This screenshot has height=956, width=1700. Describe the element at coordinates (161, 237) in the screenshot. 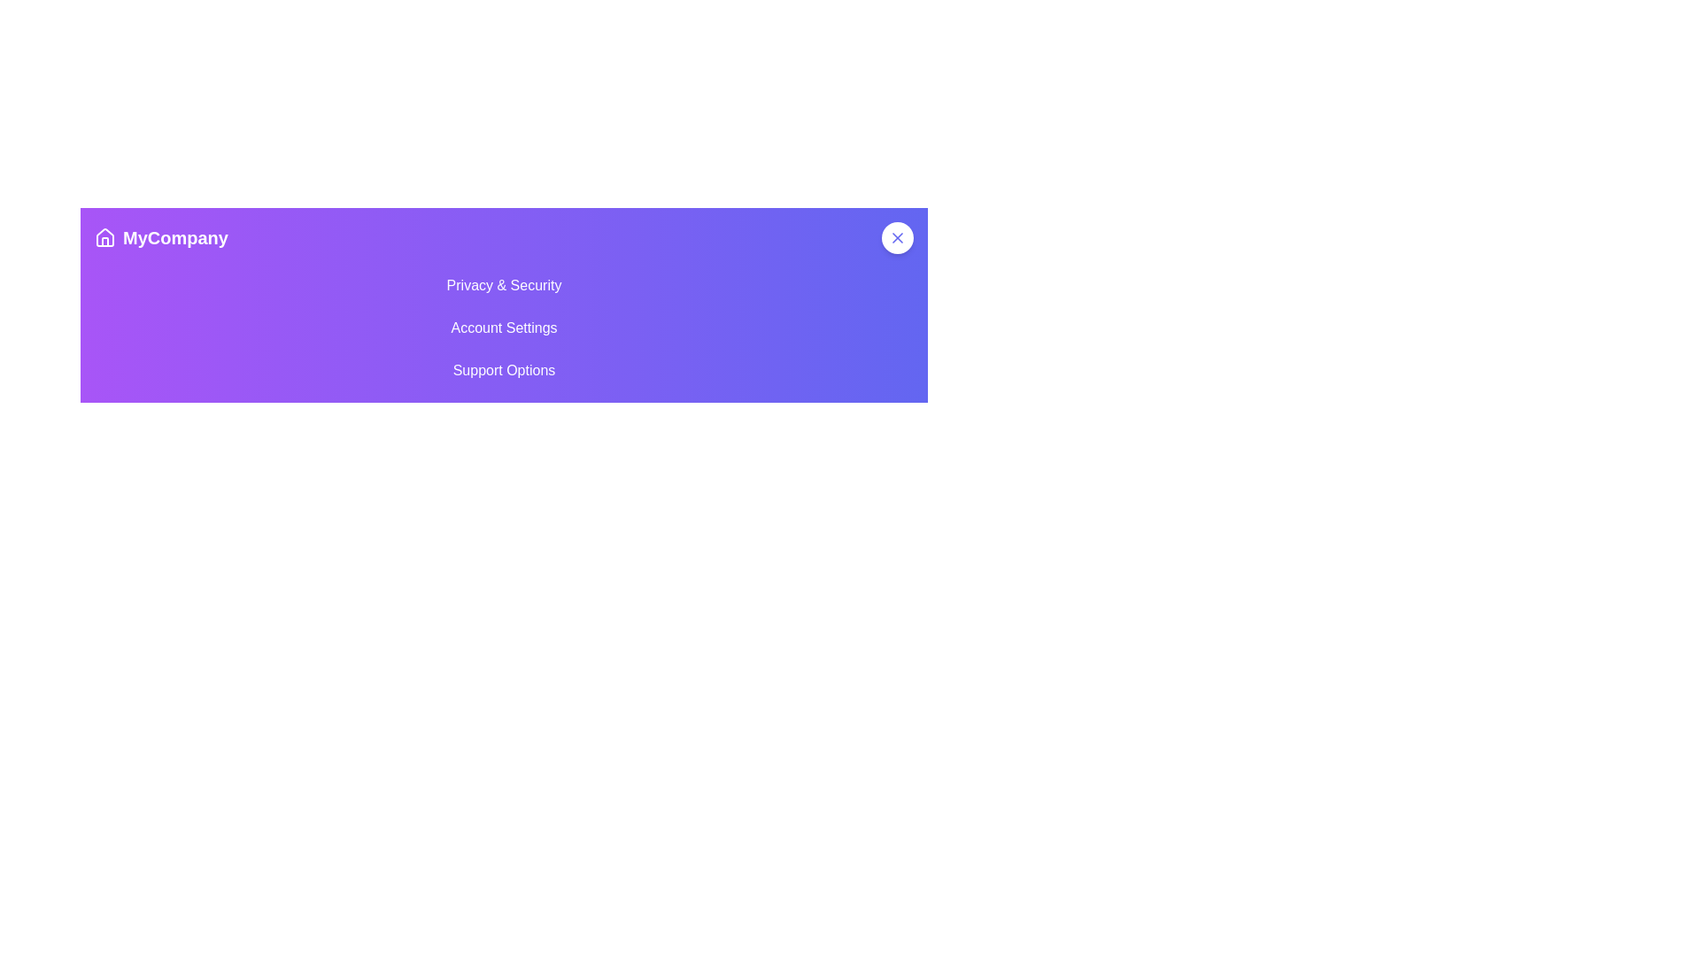

I see `the clickable logo that reads 'MyCompany' with a house-shaped icon, located in the top-left of the purple gradient background` at that location.